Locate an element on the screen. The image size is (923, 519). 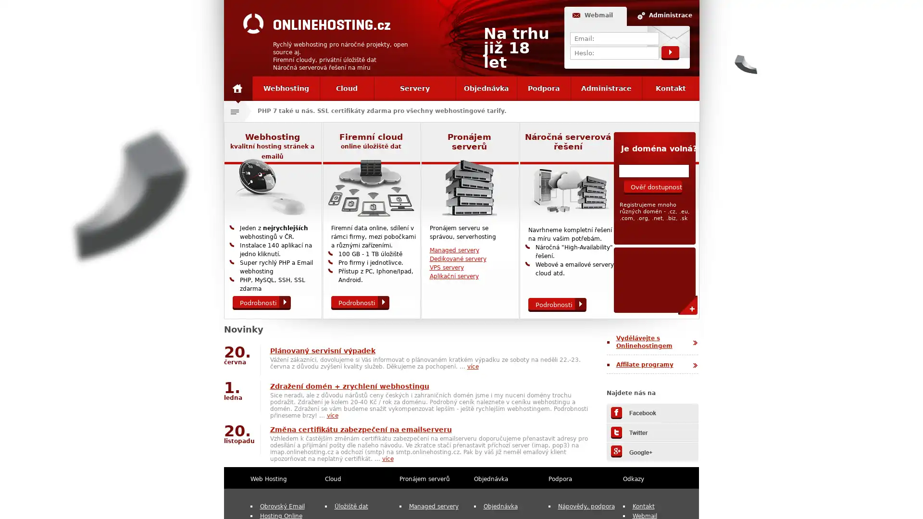
Over dostupnost is located at coordinates (652, 187).